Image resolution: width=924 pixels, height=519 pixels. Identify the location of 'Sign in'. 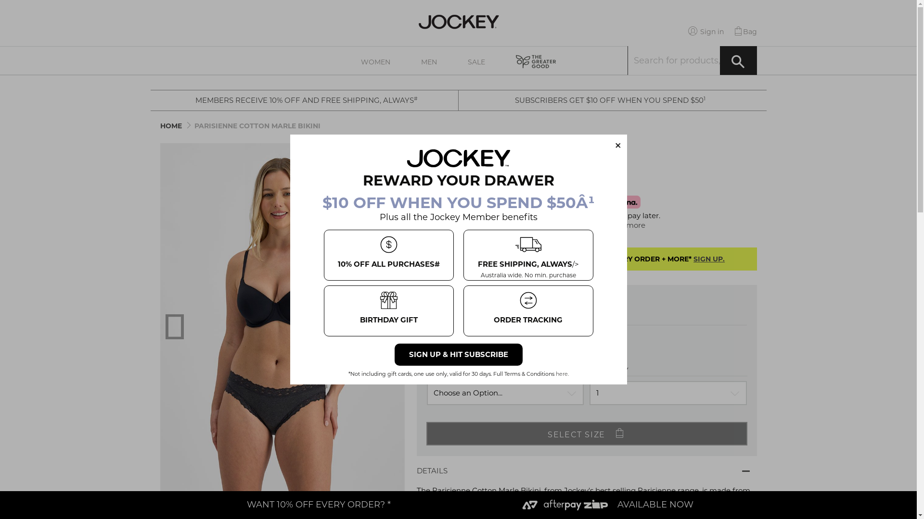
(706, 31).